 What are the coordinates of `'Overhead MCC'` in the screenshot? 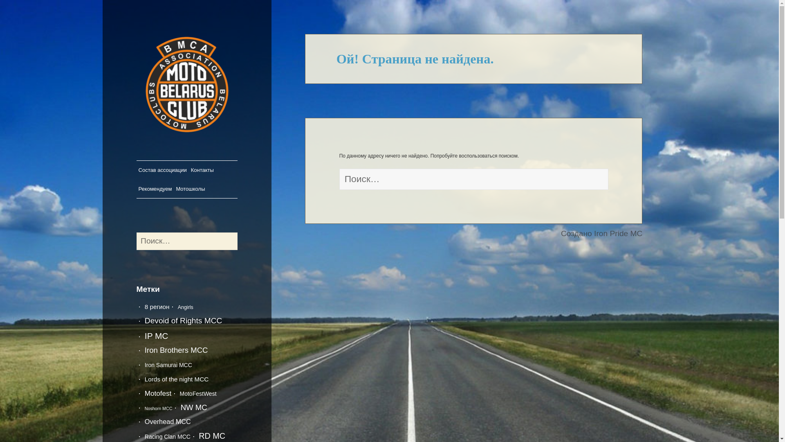 It's located at (167, 421).